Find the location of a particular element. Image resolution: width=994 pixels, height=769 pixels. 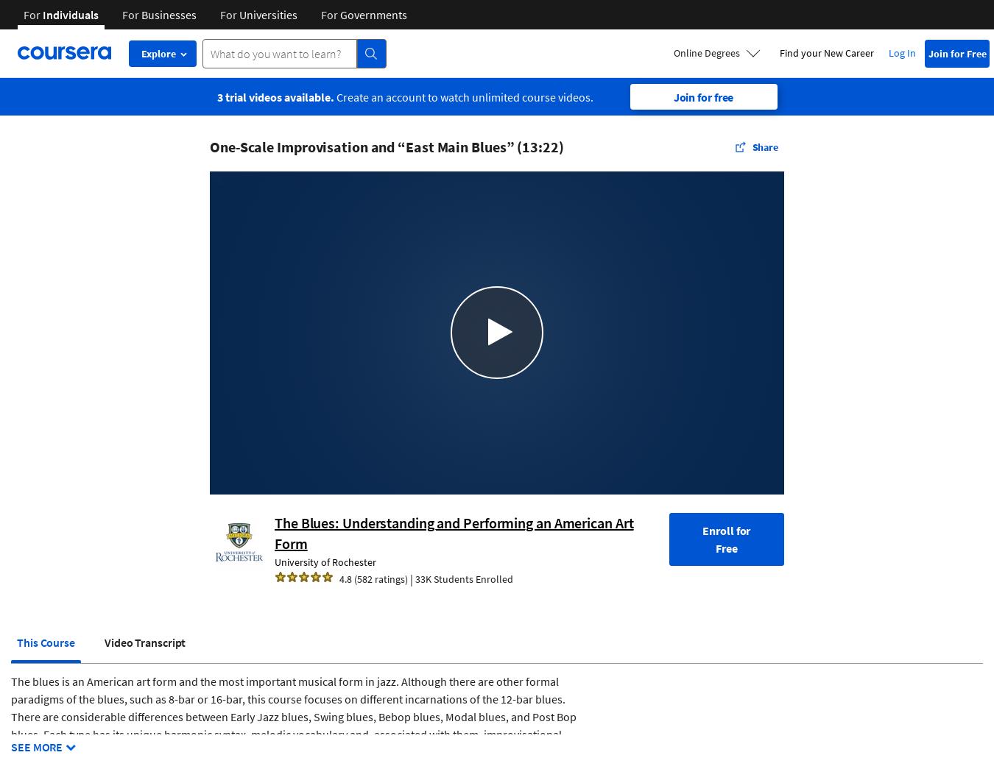

'4.8 (582 ratings)' is located at coordinates (373, 578).